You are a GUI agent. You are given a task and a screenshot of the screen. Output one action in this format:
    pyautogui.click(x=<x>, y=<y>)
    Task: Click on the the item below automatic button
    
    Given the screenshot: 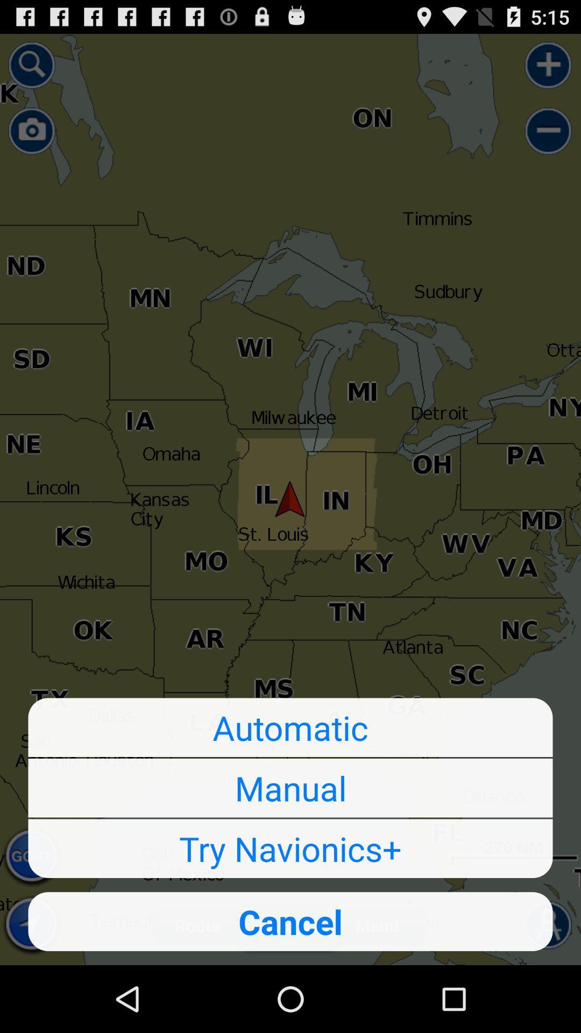 What is the action you would take?
    pyautogui.click(x=290, y=788)
    